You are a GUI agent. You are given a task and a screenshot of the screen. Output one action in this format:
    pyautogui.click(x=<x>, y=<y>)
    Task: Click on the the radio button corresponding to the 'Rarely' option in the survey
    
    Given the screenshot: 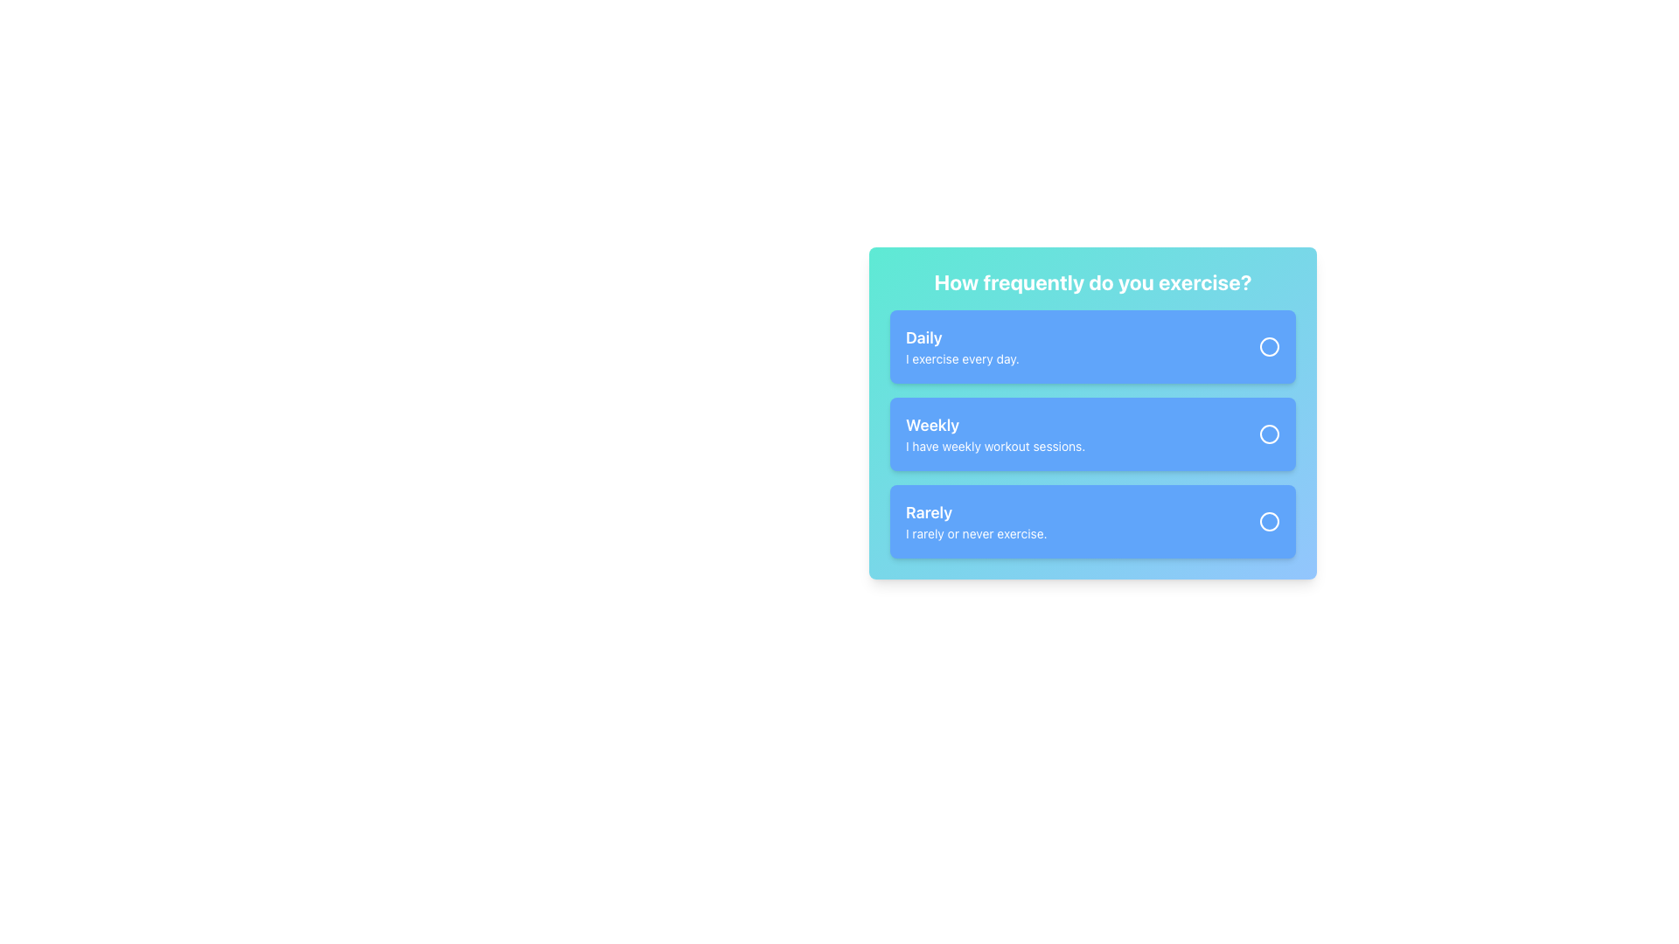 What is the action you would take?
    pyautogui.click(x=1269, y=521)
    